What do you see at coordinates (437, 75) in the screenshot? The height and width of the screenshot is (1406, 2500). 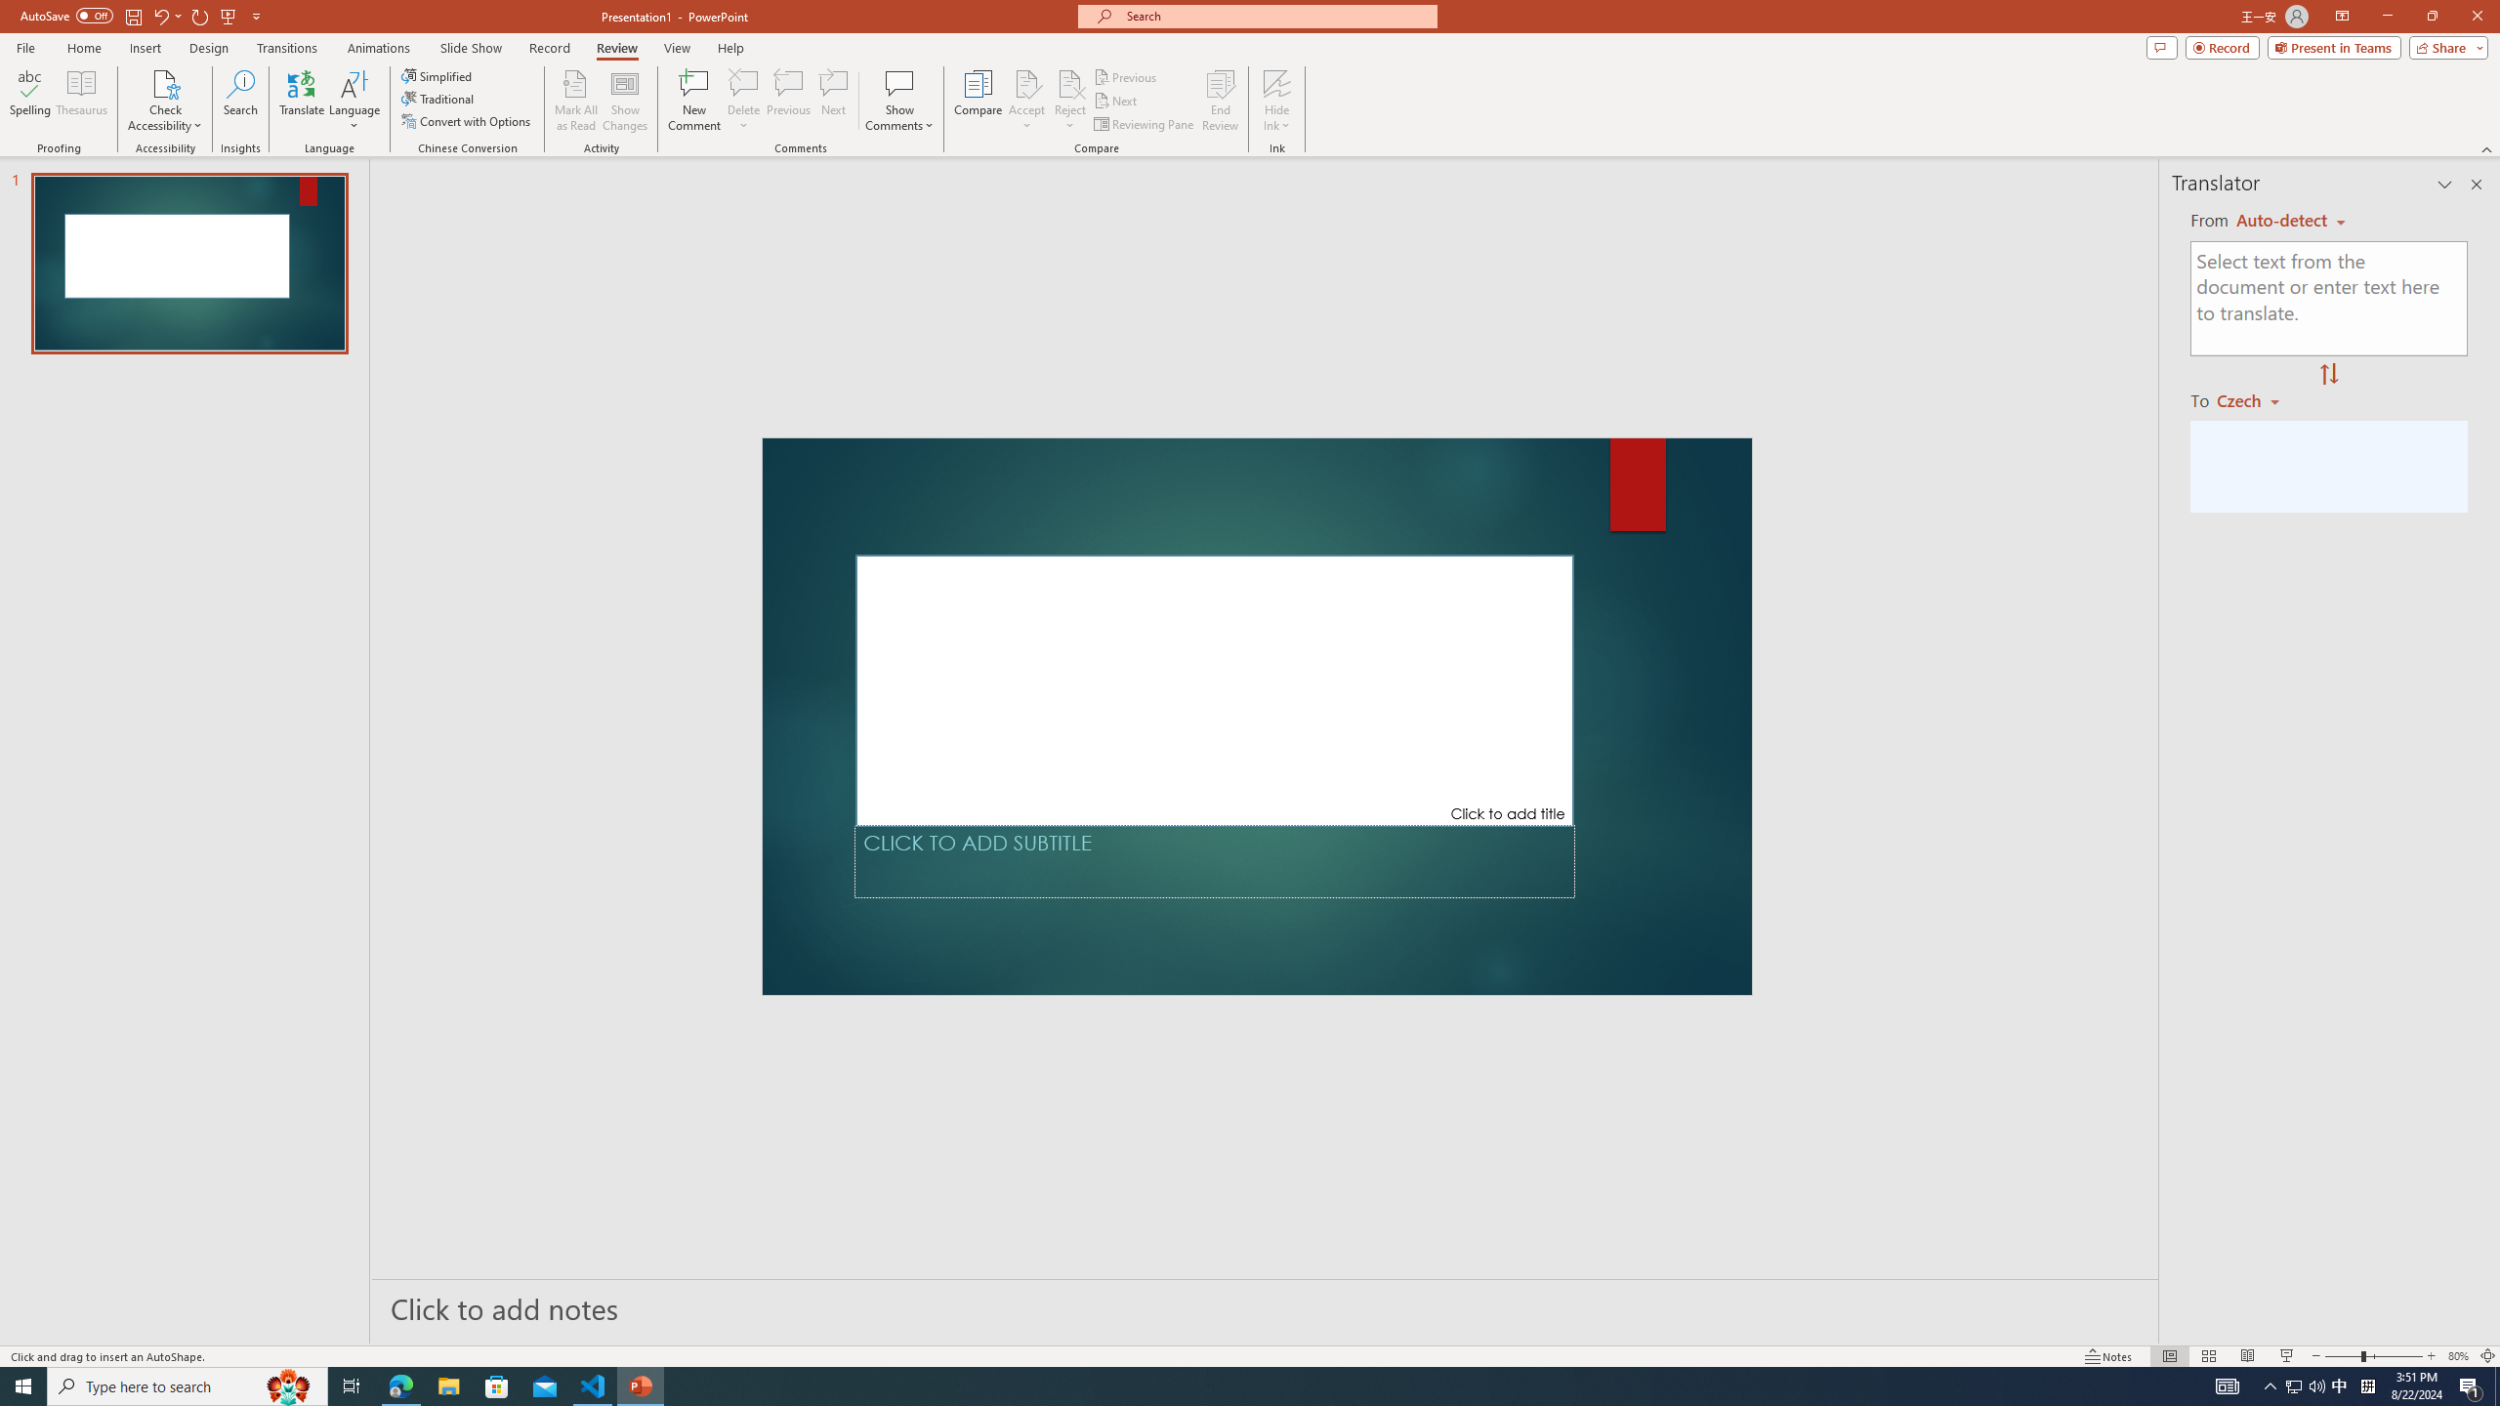 I see `'Simplified'` at bounding box center [437, 75].